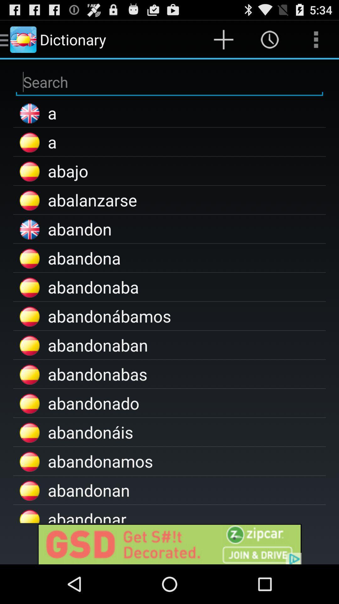 The height and width of the screenshot is (604, 339). Describe the element at coordinates (169, 82) in the screenshot. I see `type in search box` at that location.